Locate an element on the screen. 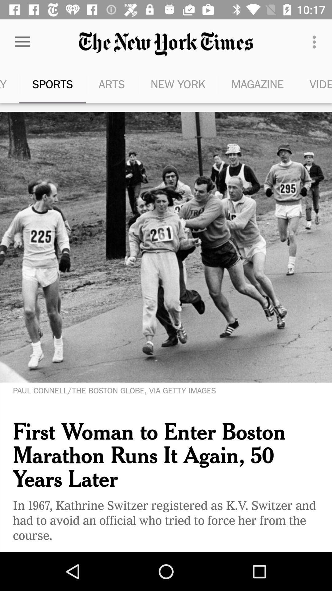  the icon to the right of the new york item is located at coordinates (257, 84).